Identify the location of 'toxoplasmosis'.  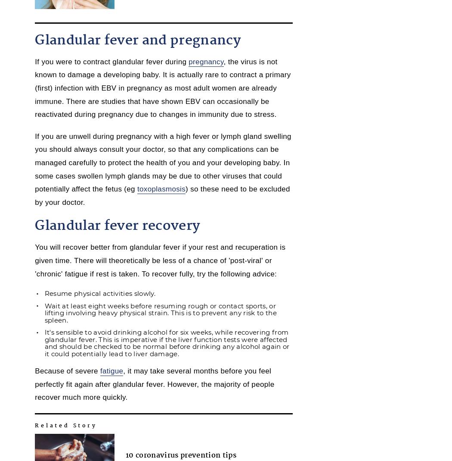
(161, 188).